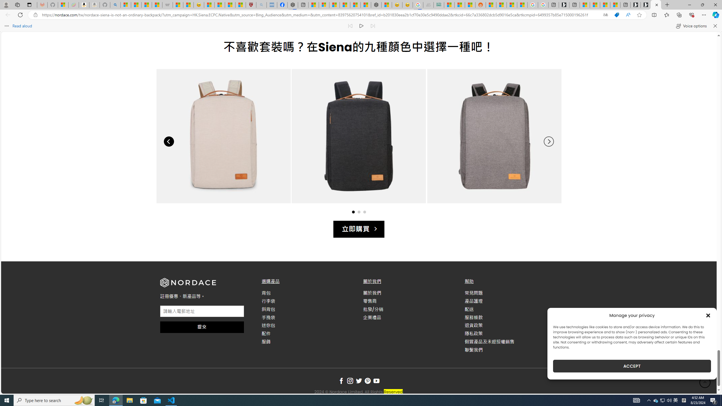 This screenshot has height=406, width=722. Describe the element at coordinates (364, 211) in the screenshot. I see `'Page dot 3'` at that location.